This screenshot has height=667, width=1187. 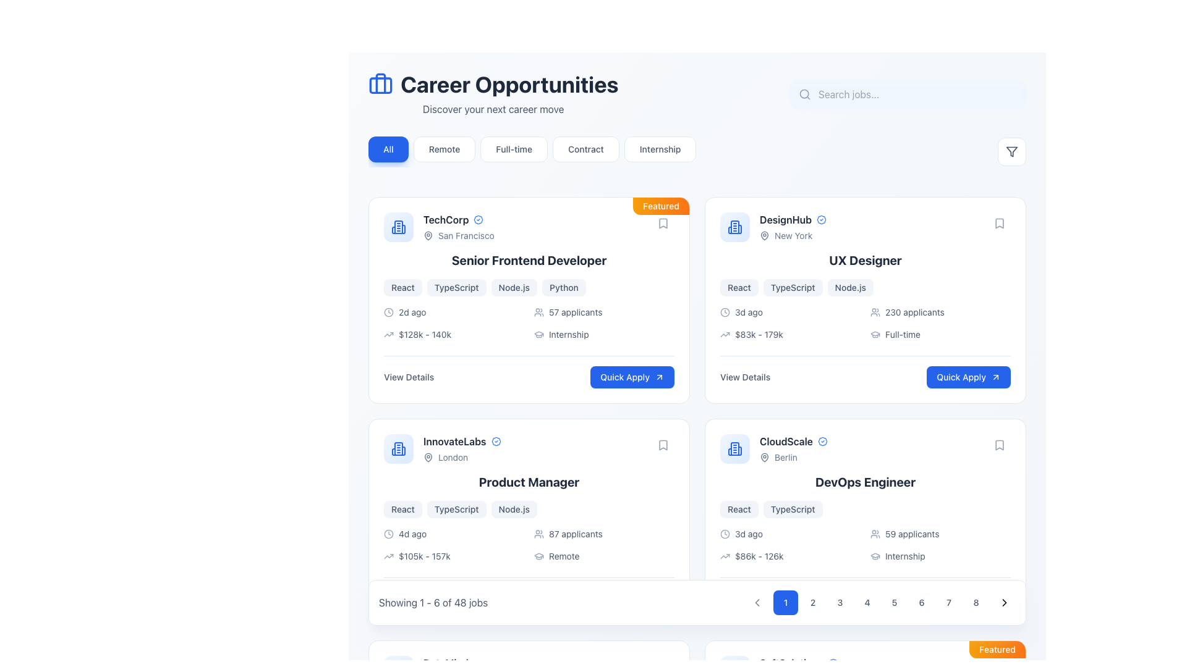 I want to click on the 'TypeScript' label in the job posting section titled 'InnovateLabs Product Manager', which is positioned between 'React' and 'Node.js', so click(x=456, y=510).